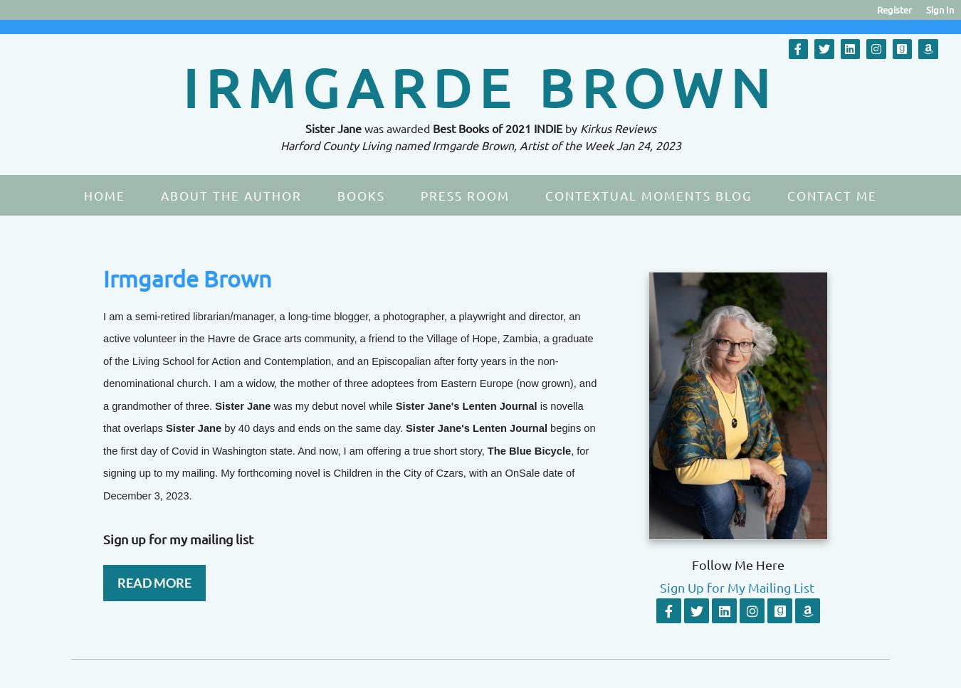  Describe the element at coordinates (572, 127) in the screenshot. I see `'by'` at that location.